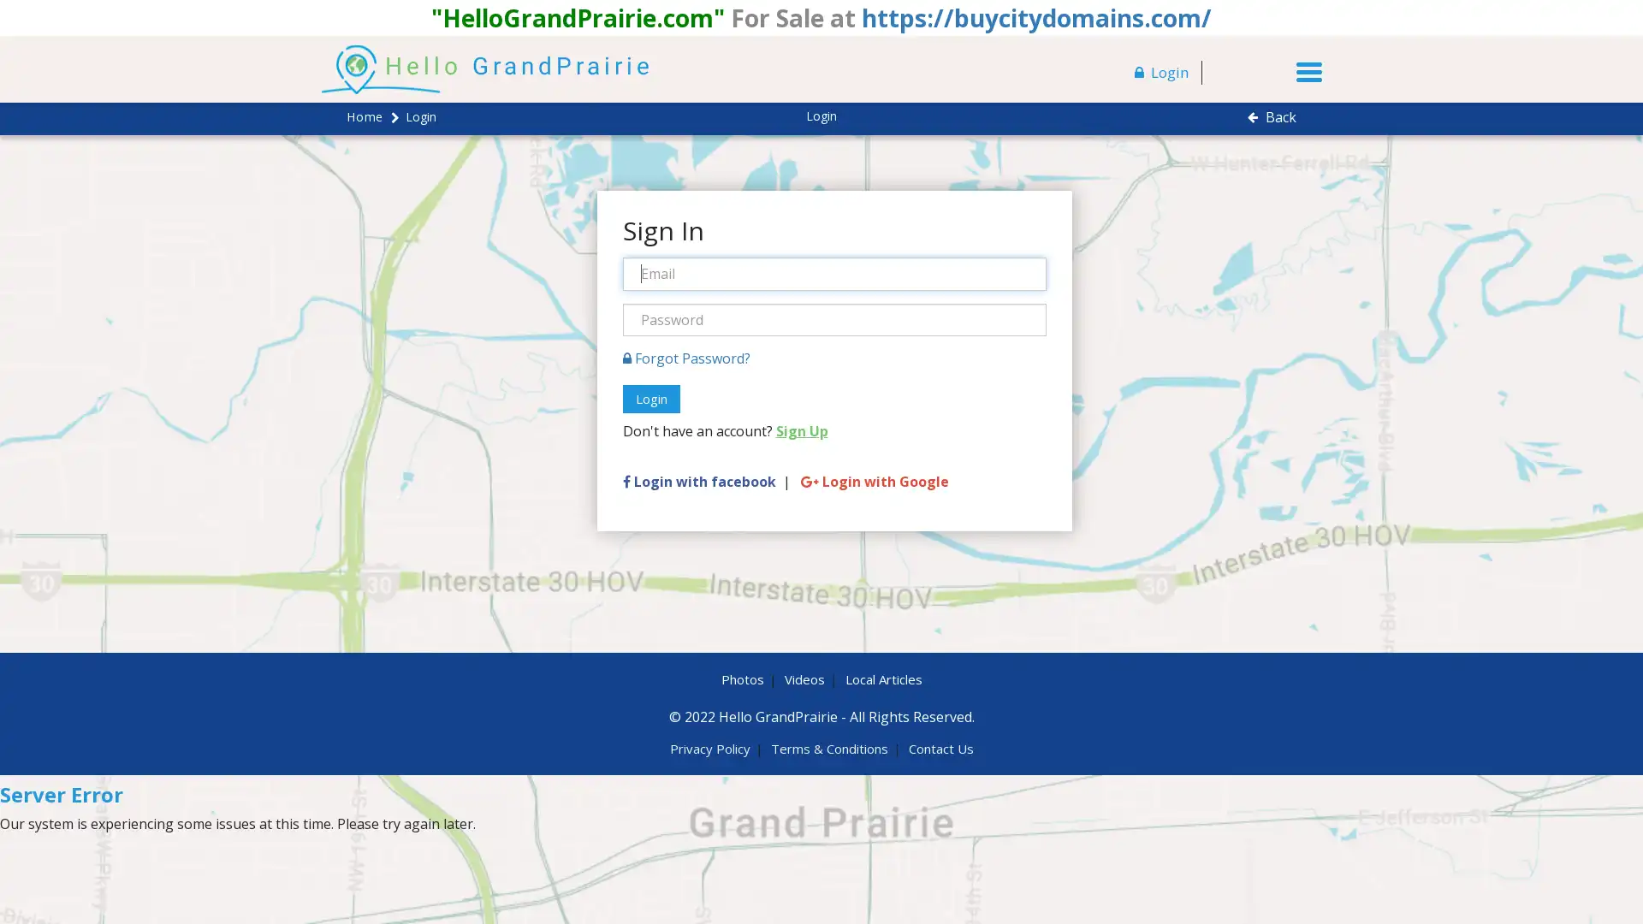 The width and height of the screenshot is (1643, 924). Describe the element at coordinates (649, 399) in the screenshot. I see `Login` at that location.